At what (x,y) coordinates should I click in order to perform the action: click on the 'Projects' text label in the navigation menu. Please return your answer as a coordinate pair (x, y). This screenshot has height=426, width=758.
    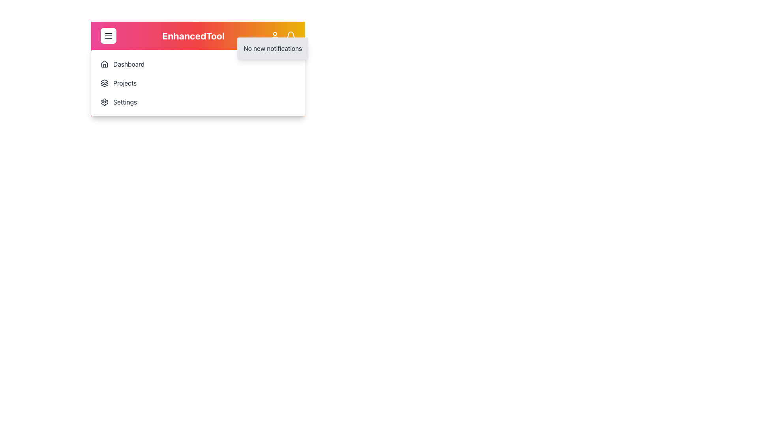
    Looking at the image, I should click on (124, 83).